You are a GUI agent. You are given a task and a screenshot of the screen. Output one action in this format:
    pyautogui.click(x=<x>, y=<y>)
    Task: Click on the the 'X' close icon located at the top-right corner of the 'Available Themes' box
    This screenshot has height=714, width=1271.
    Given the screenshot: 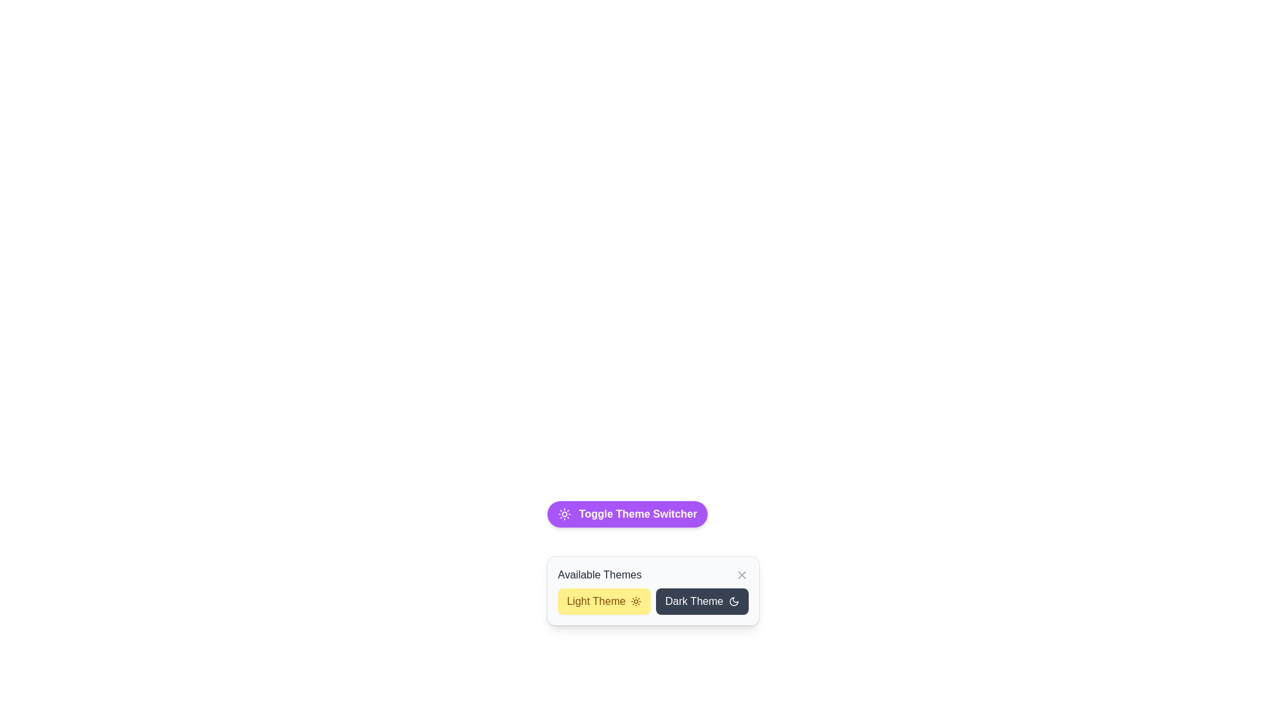 What is the action you would take?
    pyautogui.click(x=741, y=575)
    